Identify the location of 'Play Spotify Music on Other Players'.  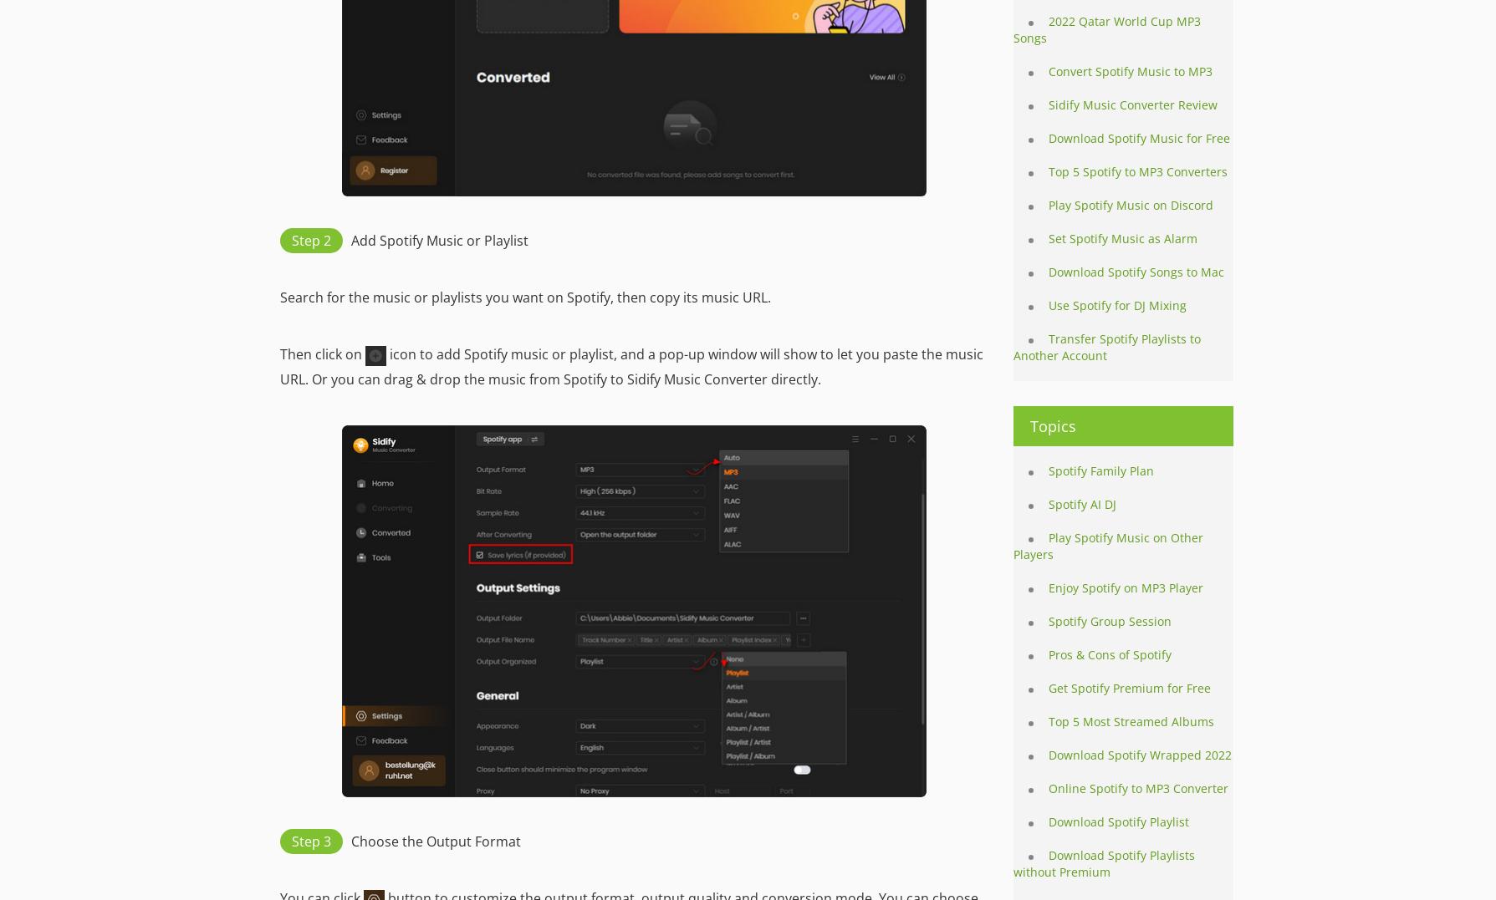
(1108, 546).